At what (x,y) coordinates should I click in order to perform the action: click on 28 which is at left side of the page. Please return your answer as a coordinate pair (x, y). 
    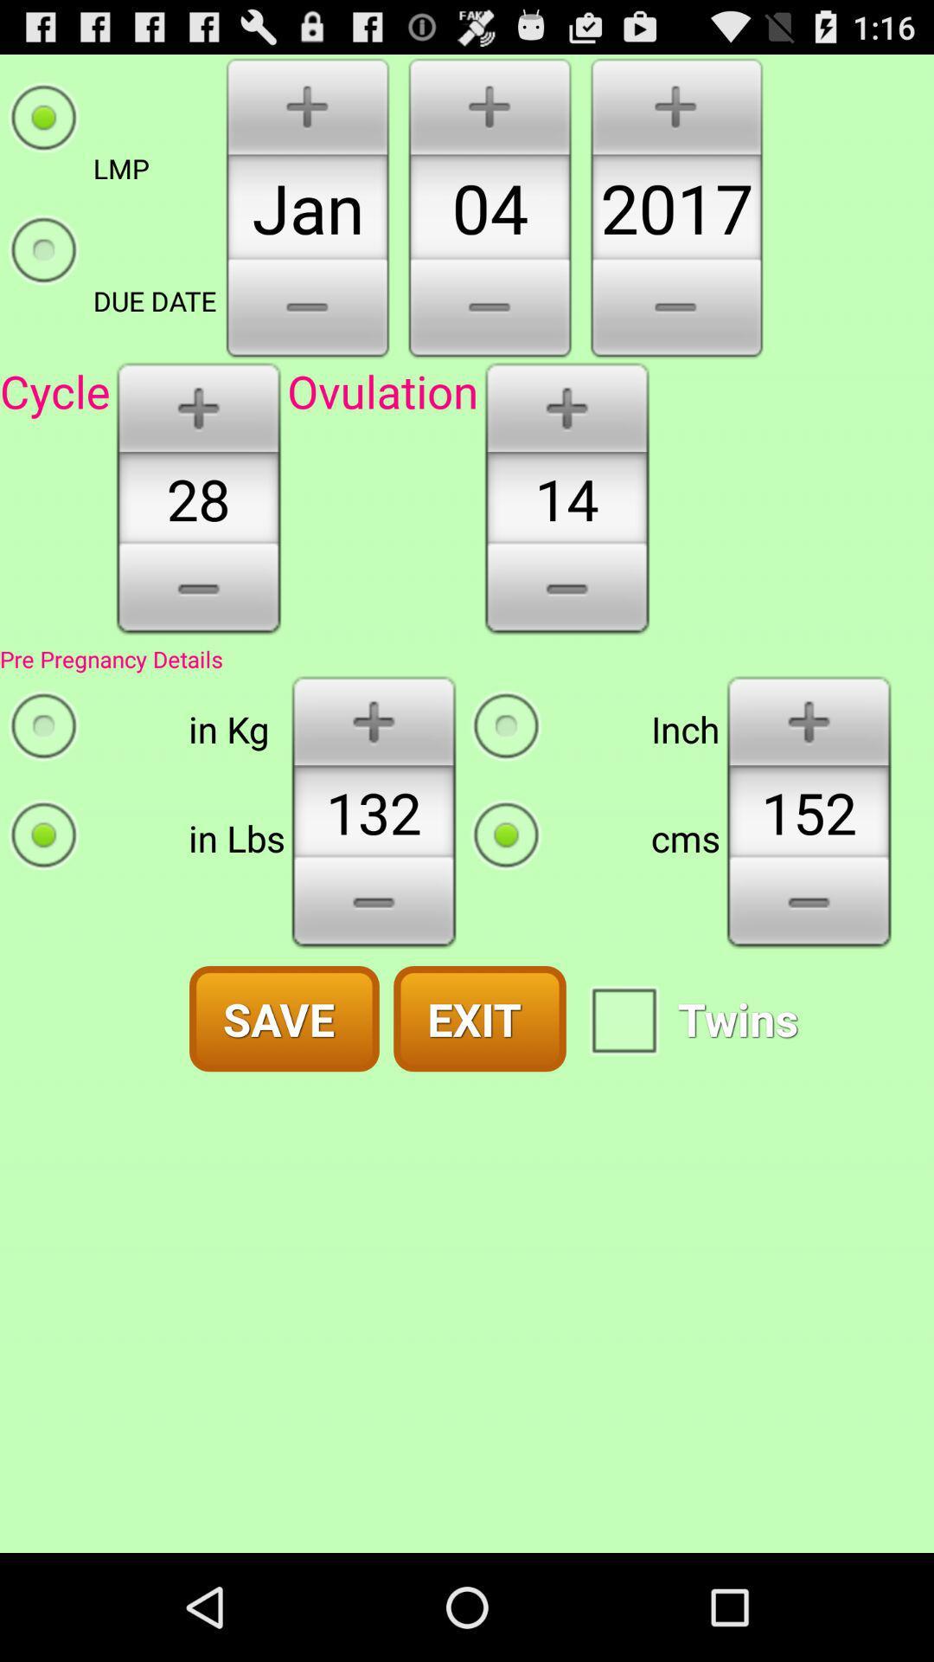
    Looking at the image, I should click on (198, 498).